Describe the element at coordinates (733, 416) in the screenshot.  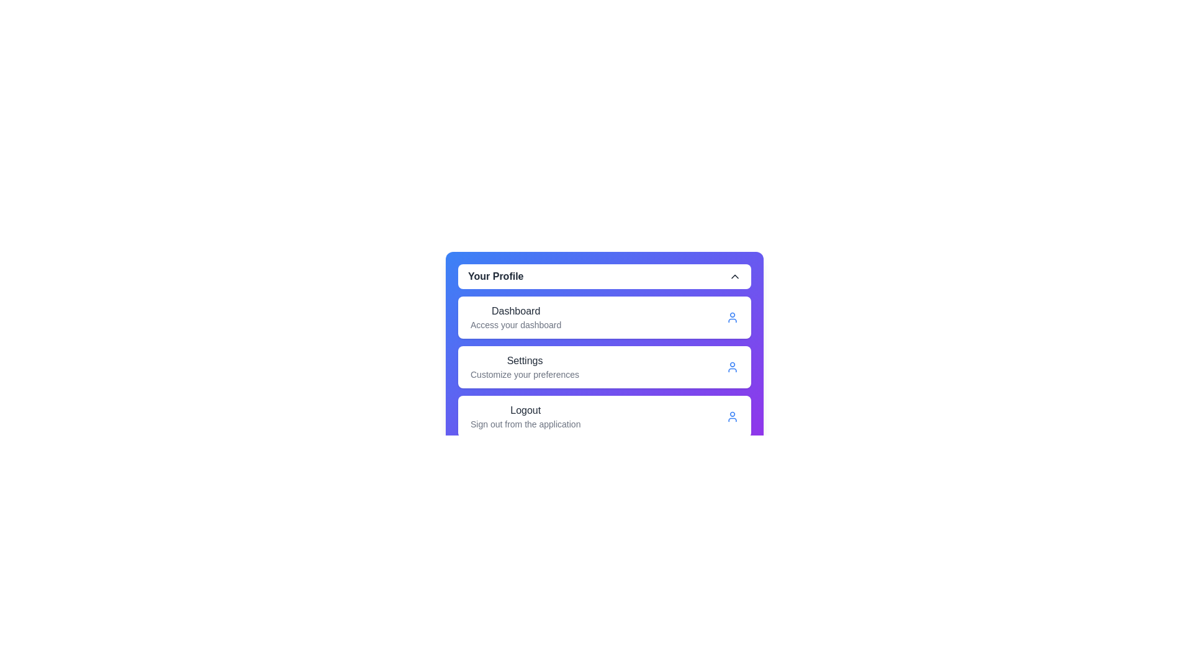
I see `the icon of the Logout menu item` at that location.